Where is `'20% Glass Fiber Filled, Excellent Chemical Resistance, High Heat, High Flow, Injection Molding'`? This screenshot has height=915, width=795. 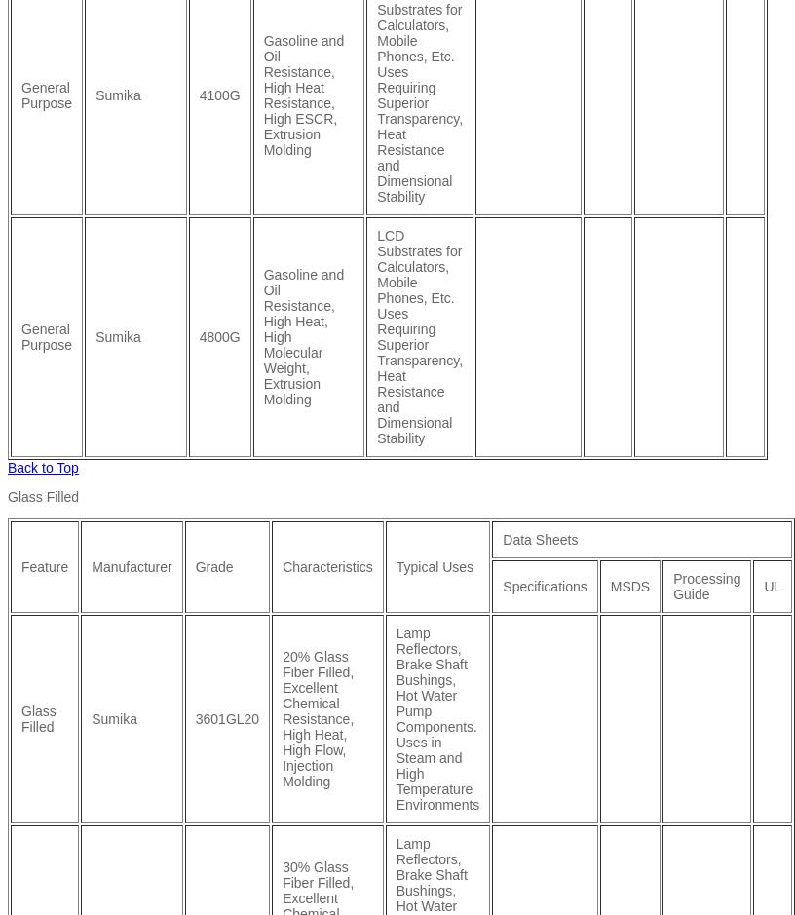
'20% Glass Fiber Filled, Excellent Chemical Resistance, High Heat, High Flow, Injection Molding' is located at coordinates (282, 718).